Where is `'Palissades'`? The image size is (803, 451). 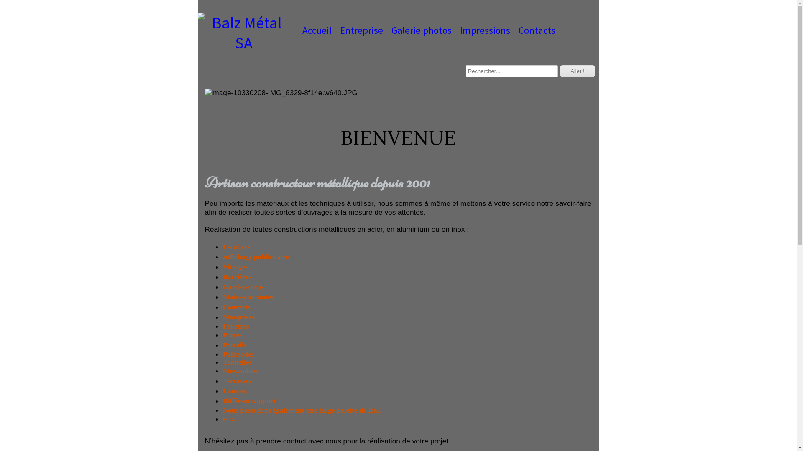 'Palissades' is located at coordinates (238, 354).